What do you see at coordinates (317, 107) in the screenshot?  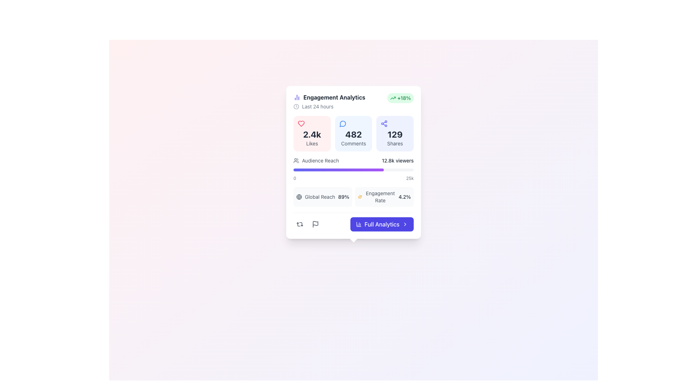 I see `the 'Last 24 hours' text label, which is styled in a small gray font and positioned to the right of a clock icon within the 'Engagement Analytics' card` at bounding box center [317, 107].